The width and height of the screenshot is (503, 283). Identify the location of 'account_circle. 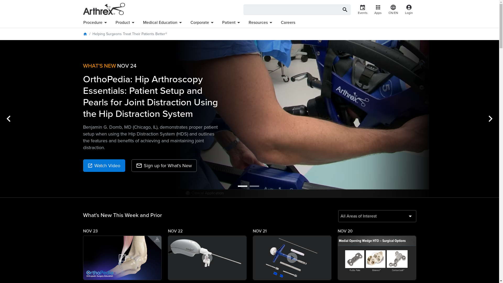
(408, 10).